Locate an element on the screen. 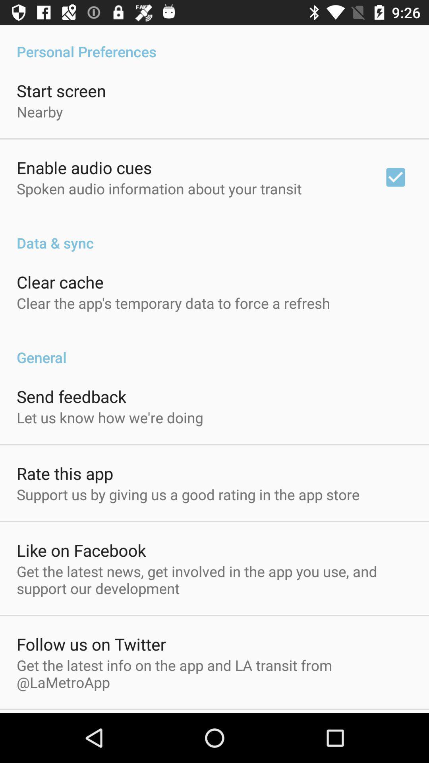 The width and height of the screenshot is (429, 763). icon below the start screen item is located at coordinates (40, 111).